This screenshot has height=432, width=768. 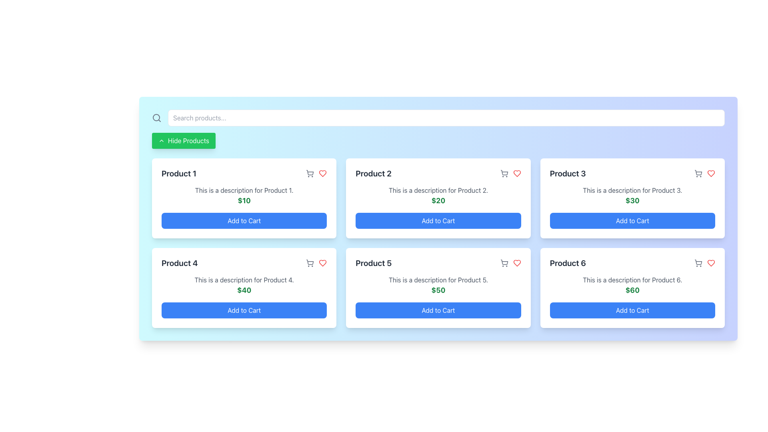 What do you see at coordinates (504, 173) in the screenshot?
I see `the shopping cart icon located in the top-right corner of the card for 'Product 2'` at bounding box center [504, 173].